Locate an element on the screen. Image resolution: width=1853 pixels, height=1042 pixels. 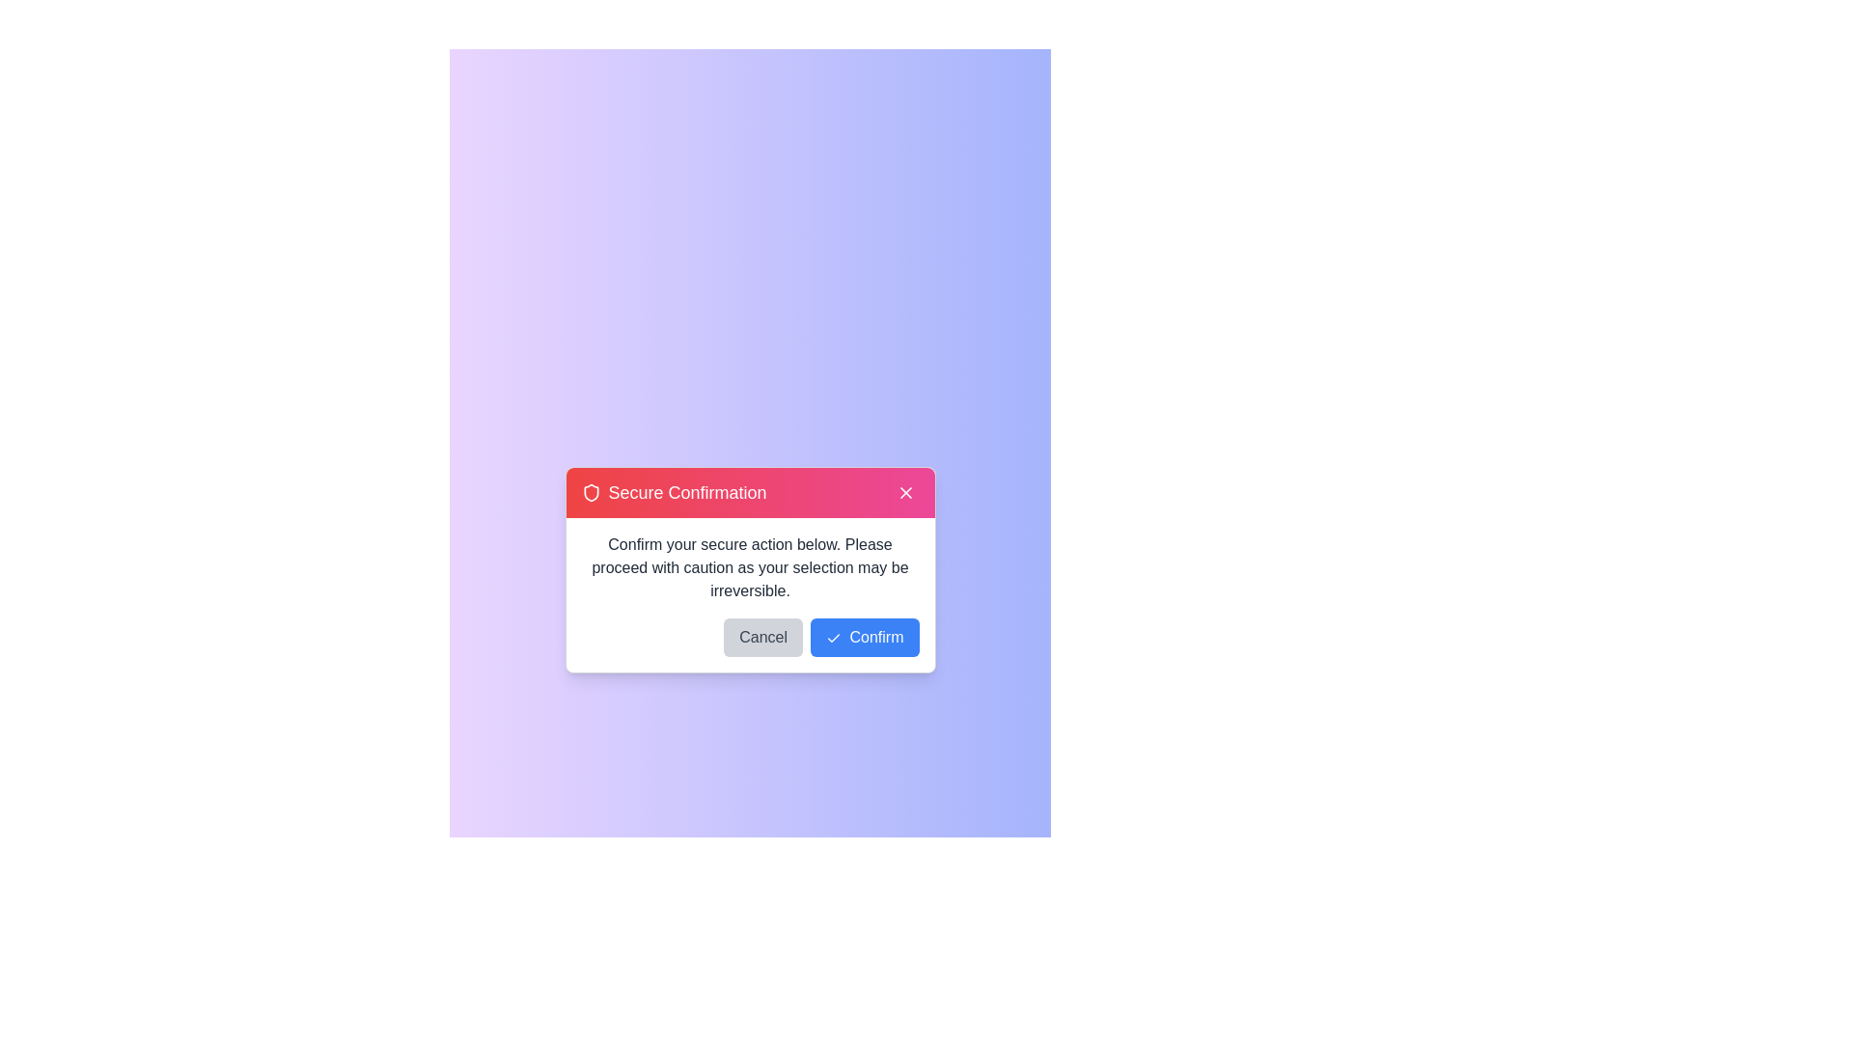
the close button located in the top-right corner of the red header of the modal dialog is located at coordinates (904, 491).